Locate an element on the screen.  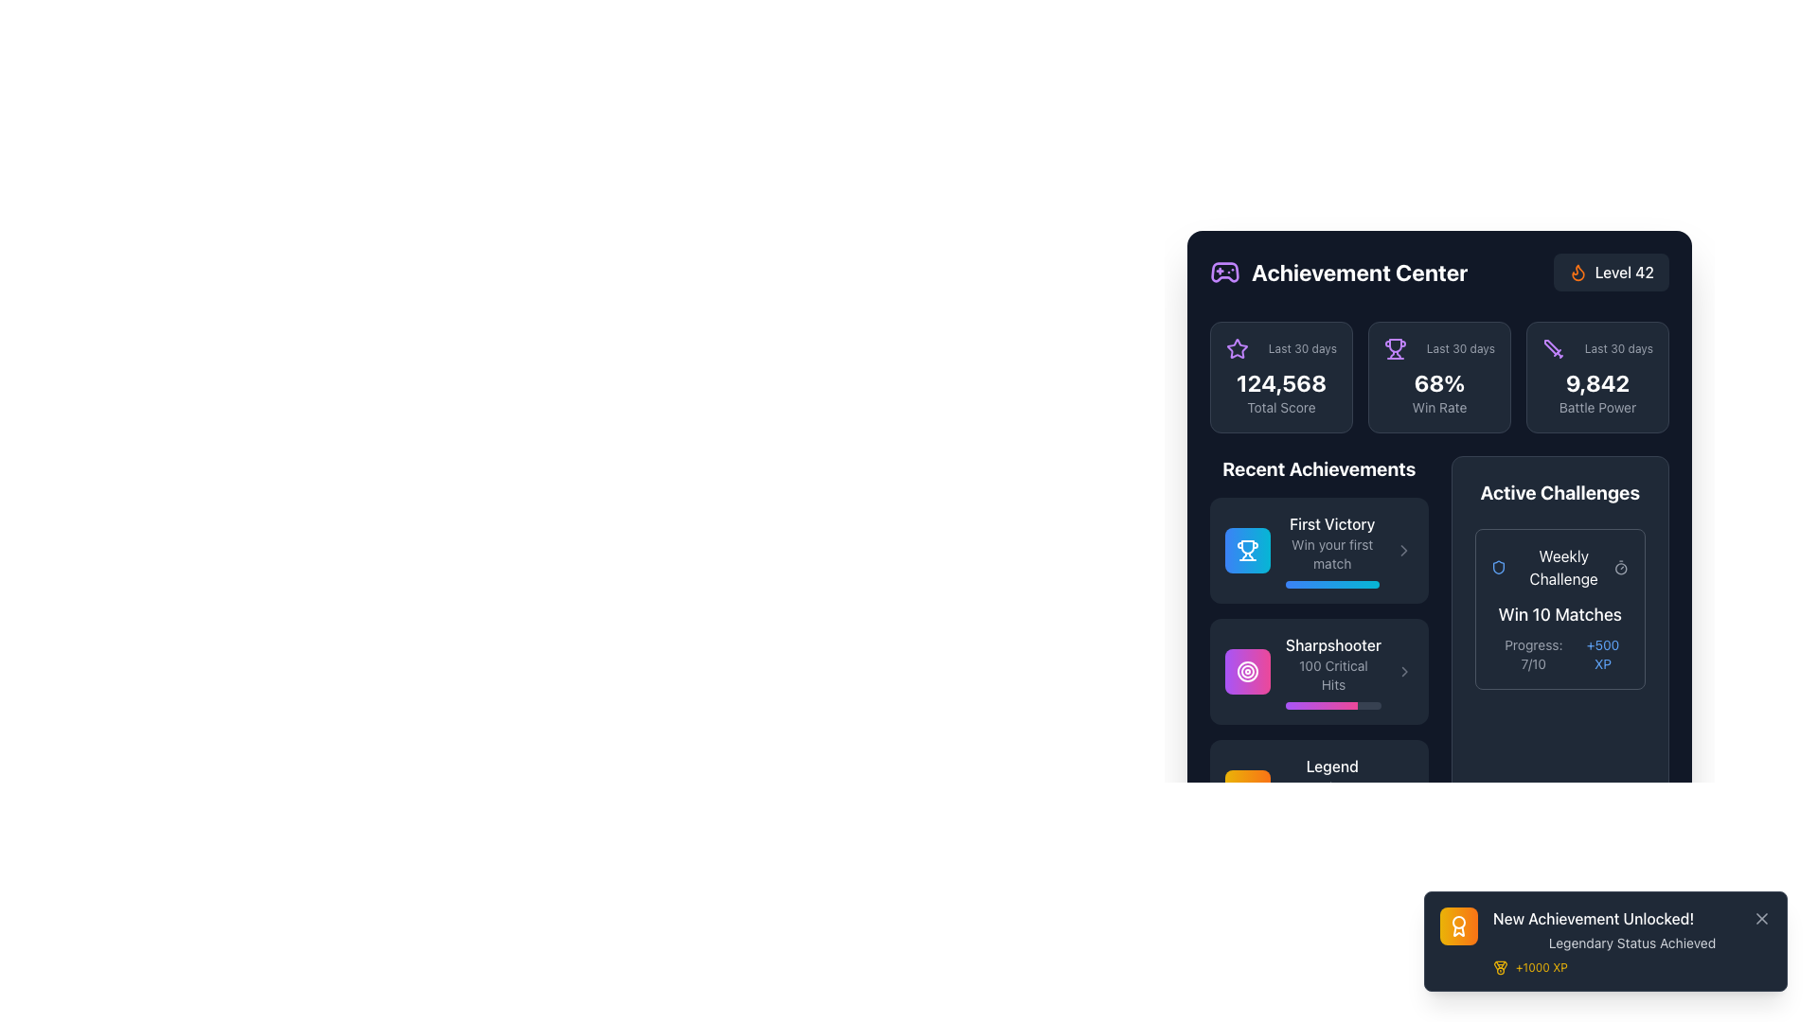
the Decorative SVG Icon located at the top-left corner of the 'Achievement Center' section, adjacent to the title is located at coordinates (1225, 273).